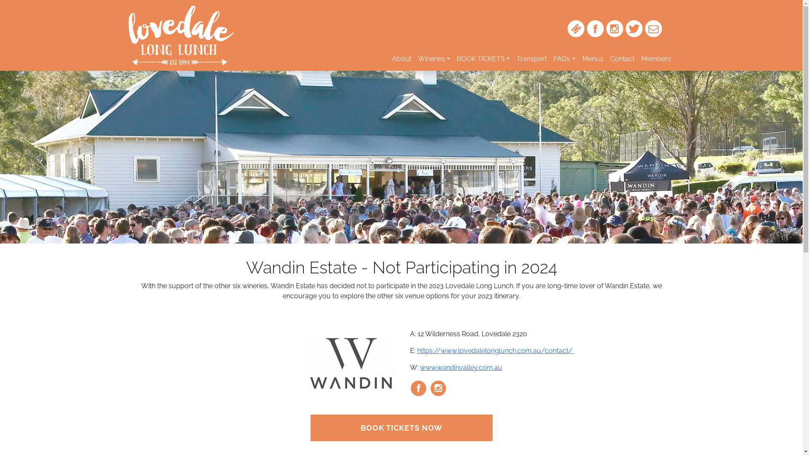 The height and width of the screenshot is (455, 809). I want to click on 'Like us on Facebook', so click(594, 28).